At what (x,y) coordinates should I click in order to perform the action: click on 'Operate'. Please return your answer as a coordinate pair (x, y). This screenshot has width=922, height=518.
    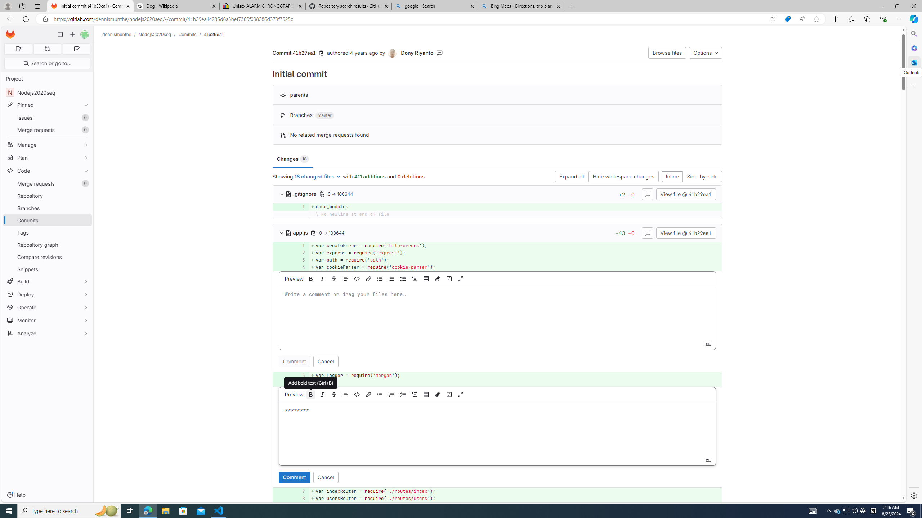
    Looking at the image, I should click on (47, 307).